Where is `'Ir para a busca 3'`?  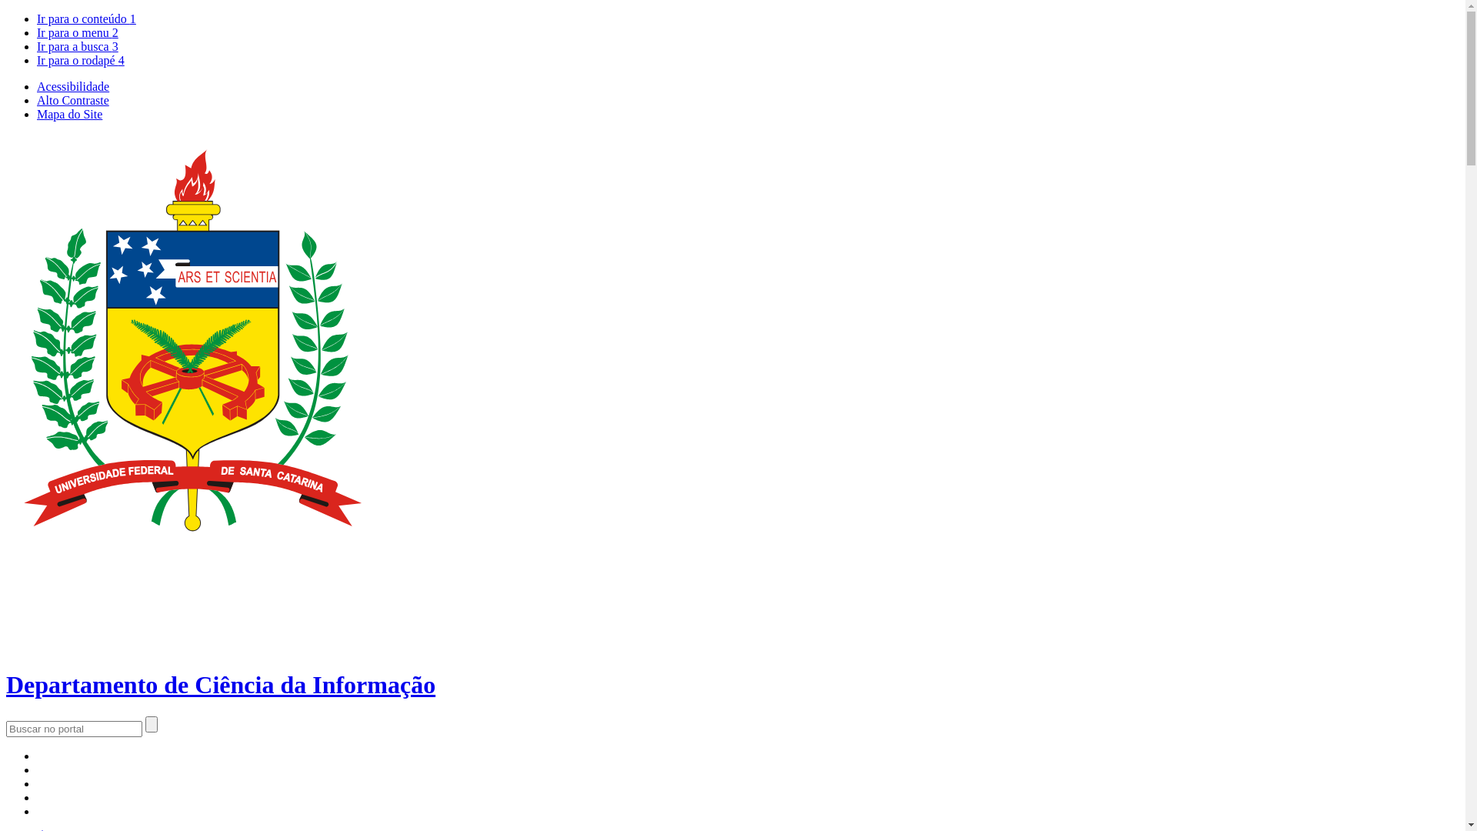
'Ir para a busca 3' is located at coordinates (76, 45).